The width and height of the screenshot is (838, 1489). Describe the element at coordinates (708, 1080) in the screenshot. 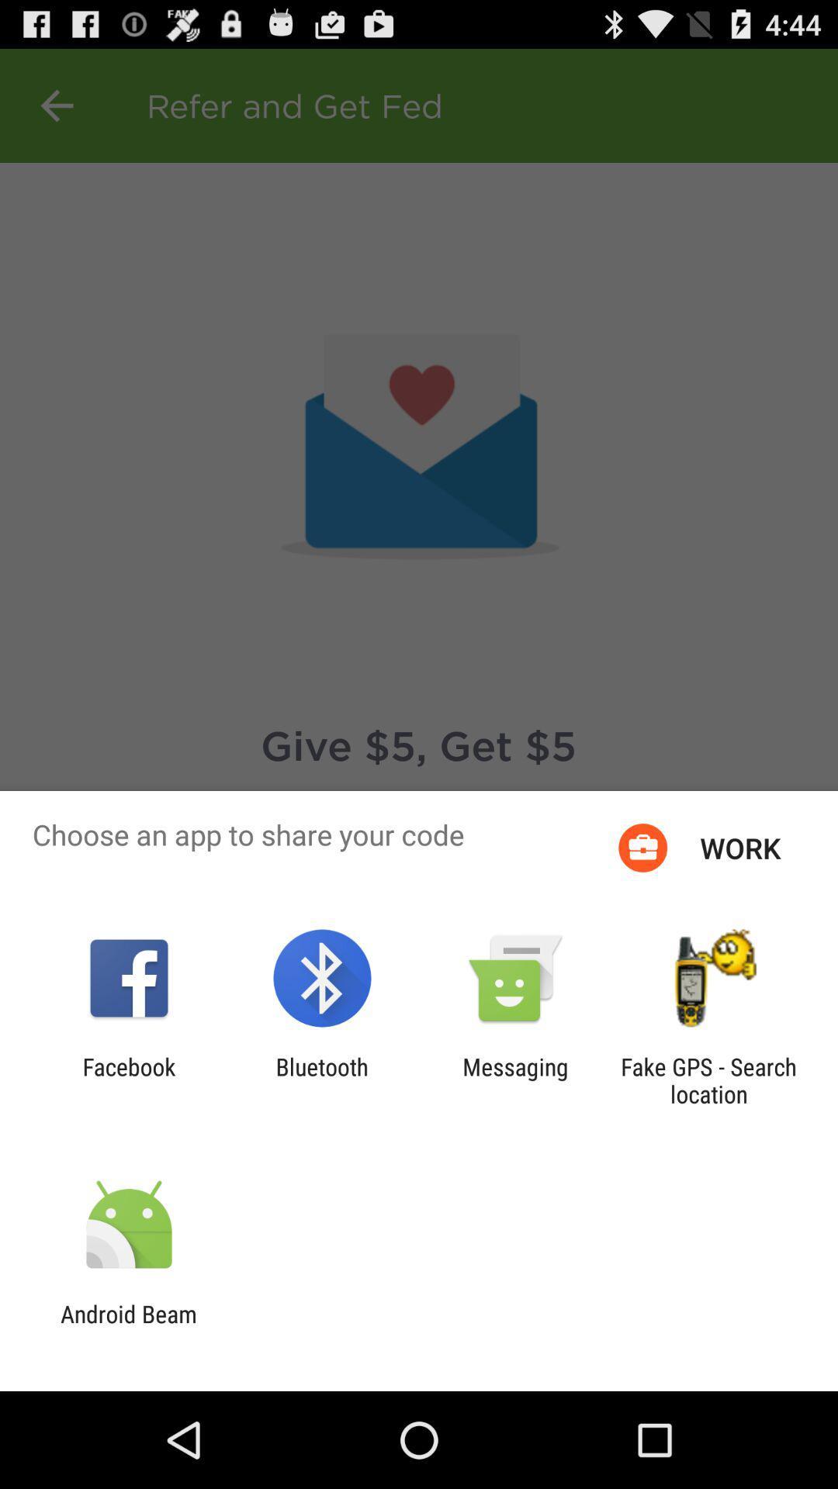

I see `the icon to the right of messaging` at that location.